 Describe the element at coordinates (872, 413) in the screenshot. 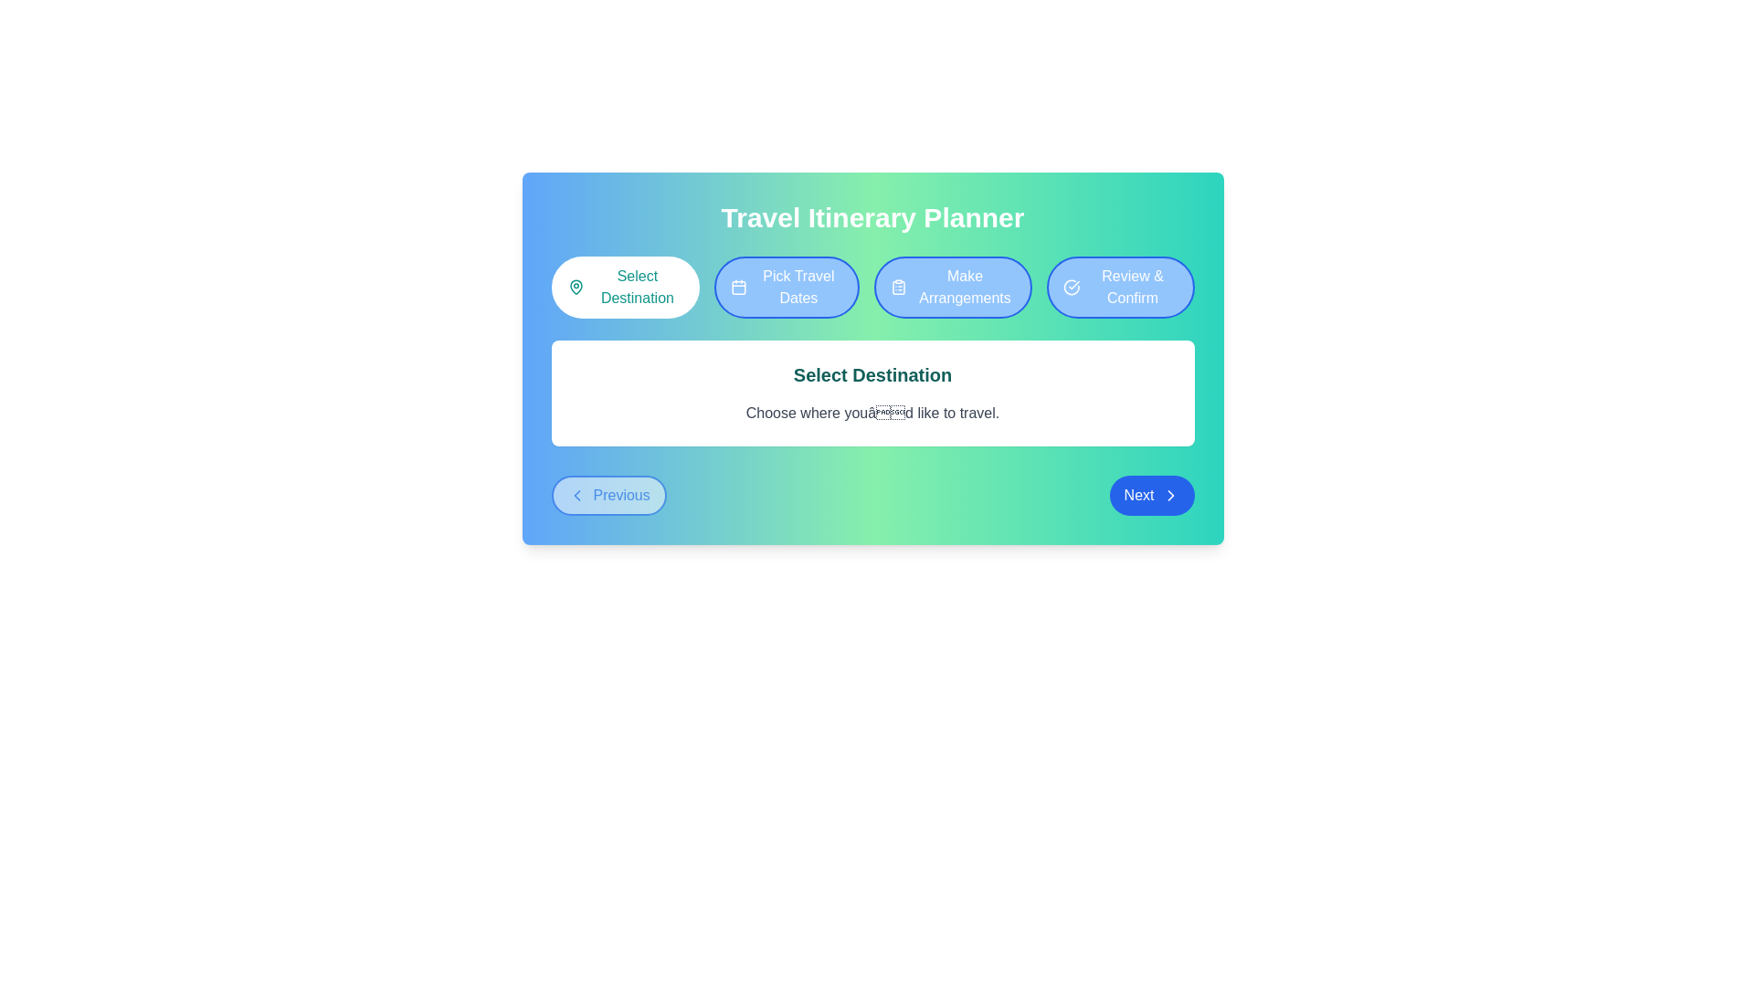

I see `the Text Label that provides guidance for the task described by the heading 'Select Destination'` at that location.